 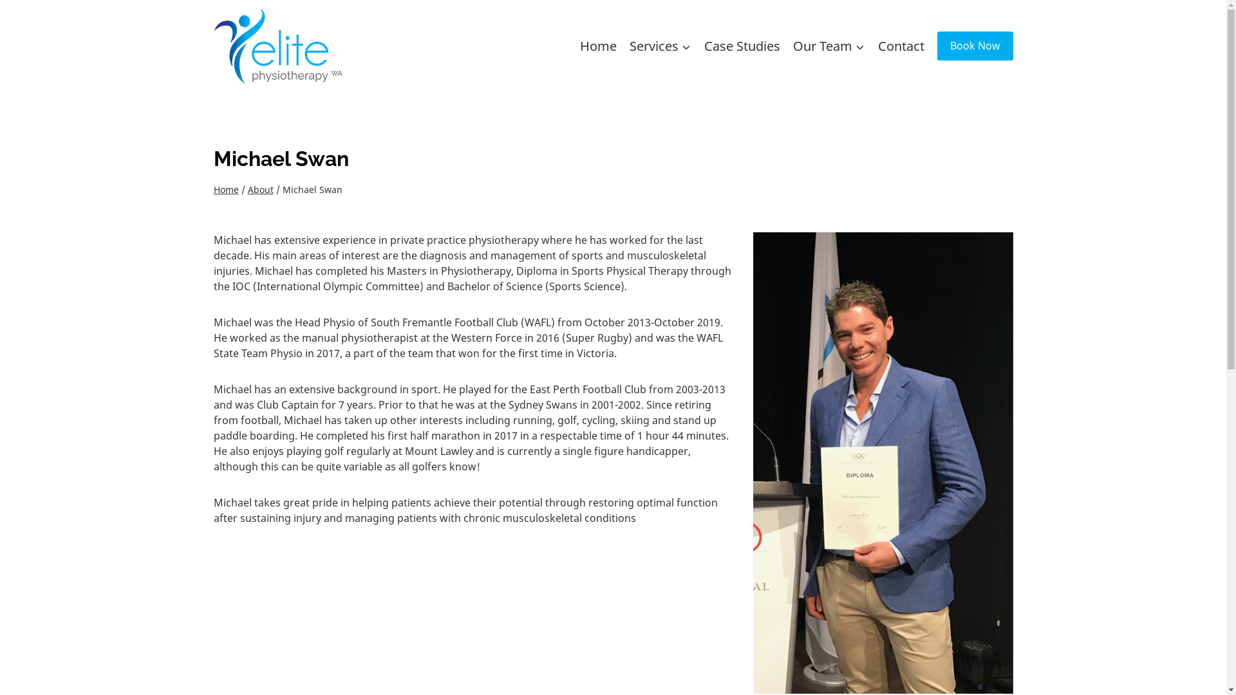 What do you see at coordinates (742, 44) in the screenshot?
I see `'Case Studies'` at bounding box center [742, 44].